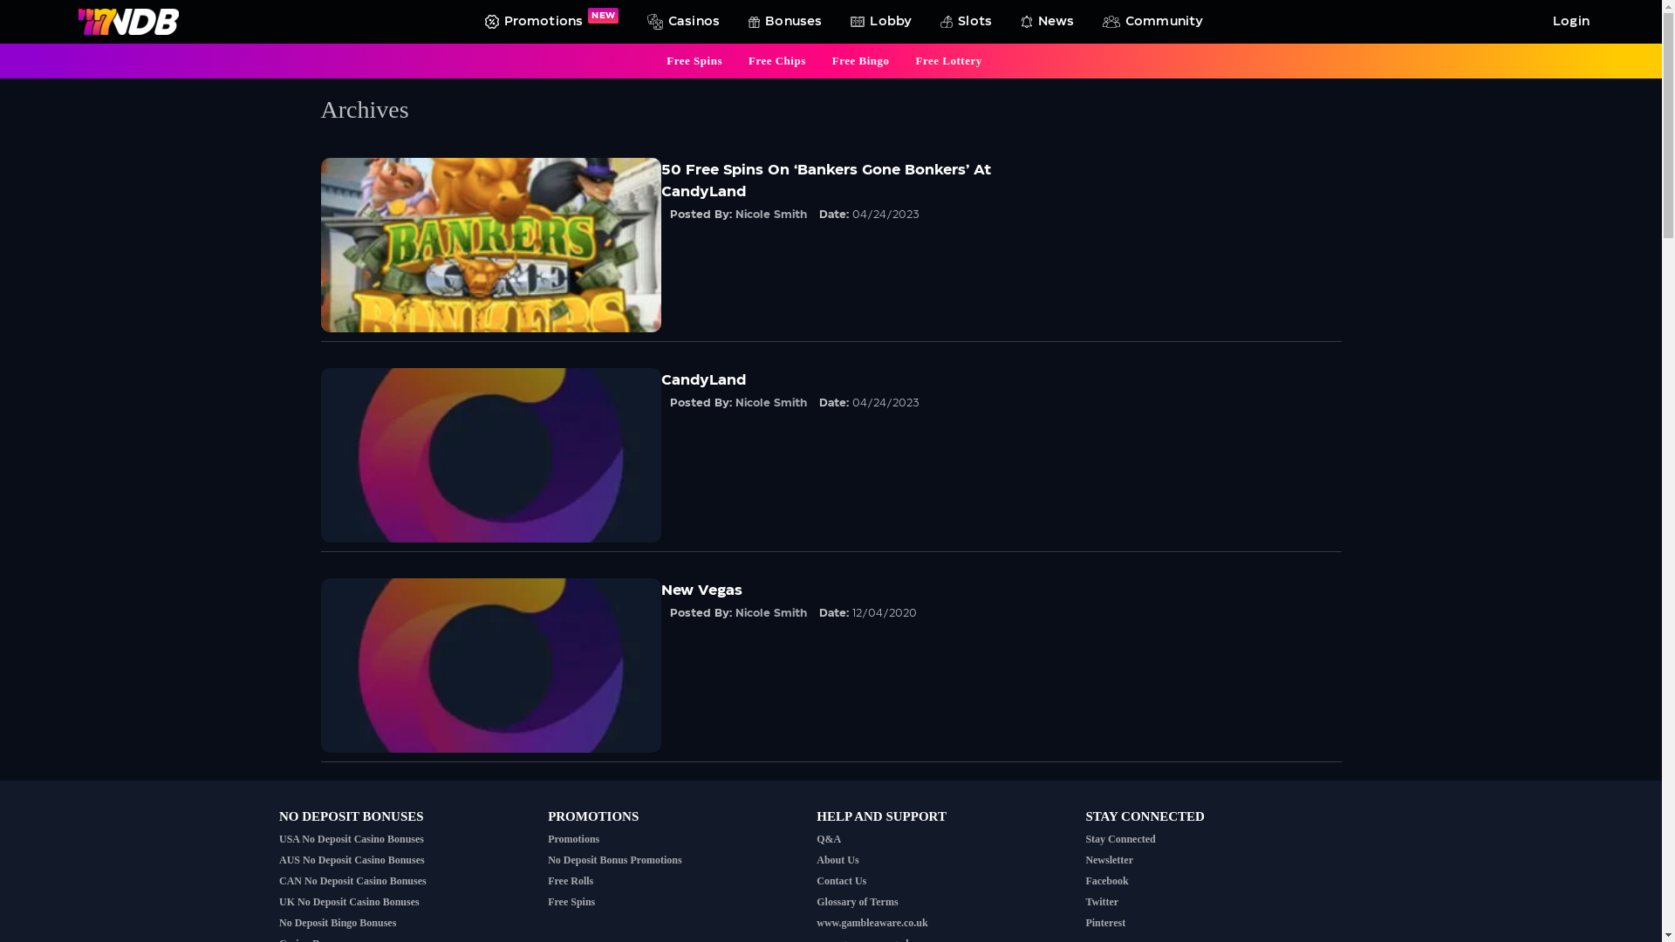 This screenshot has width=1675, height=942. What do you see at coordinates (1108, 859) in the screenshot?
I see `'Newsletter'` at bounding box center [1108, 859].